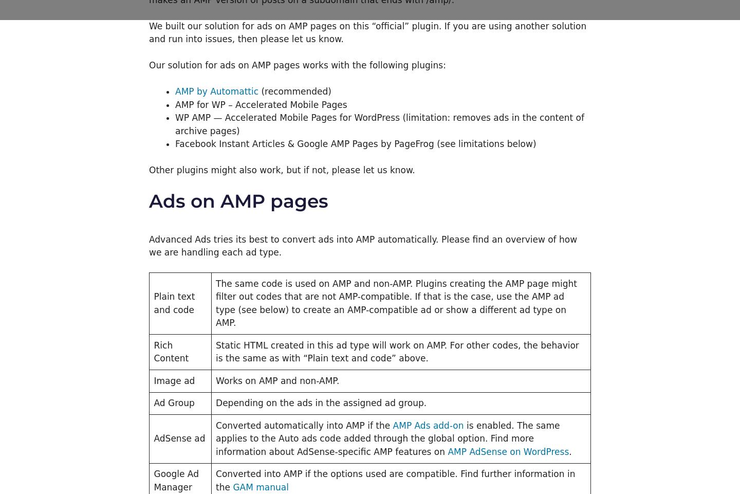  Describe the element at coordinates (304, 425) in the screenshot. I see `'Converted automatically into AMP if the'` at that location.